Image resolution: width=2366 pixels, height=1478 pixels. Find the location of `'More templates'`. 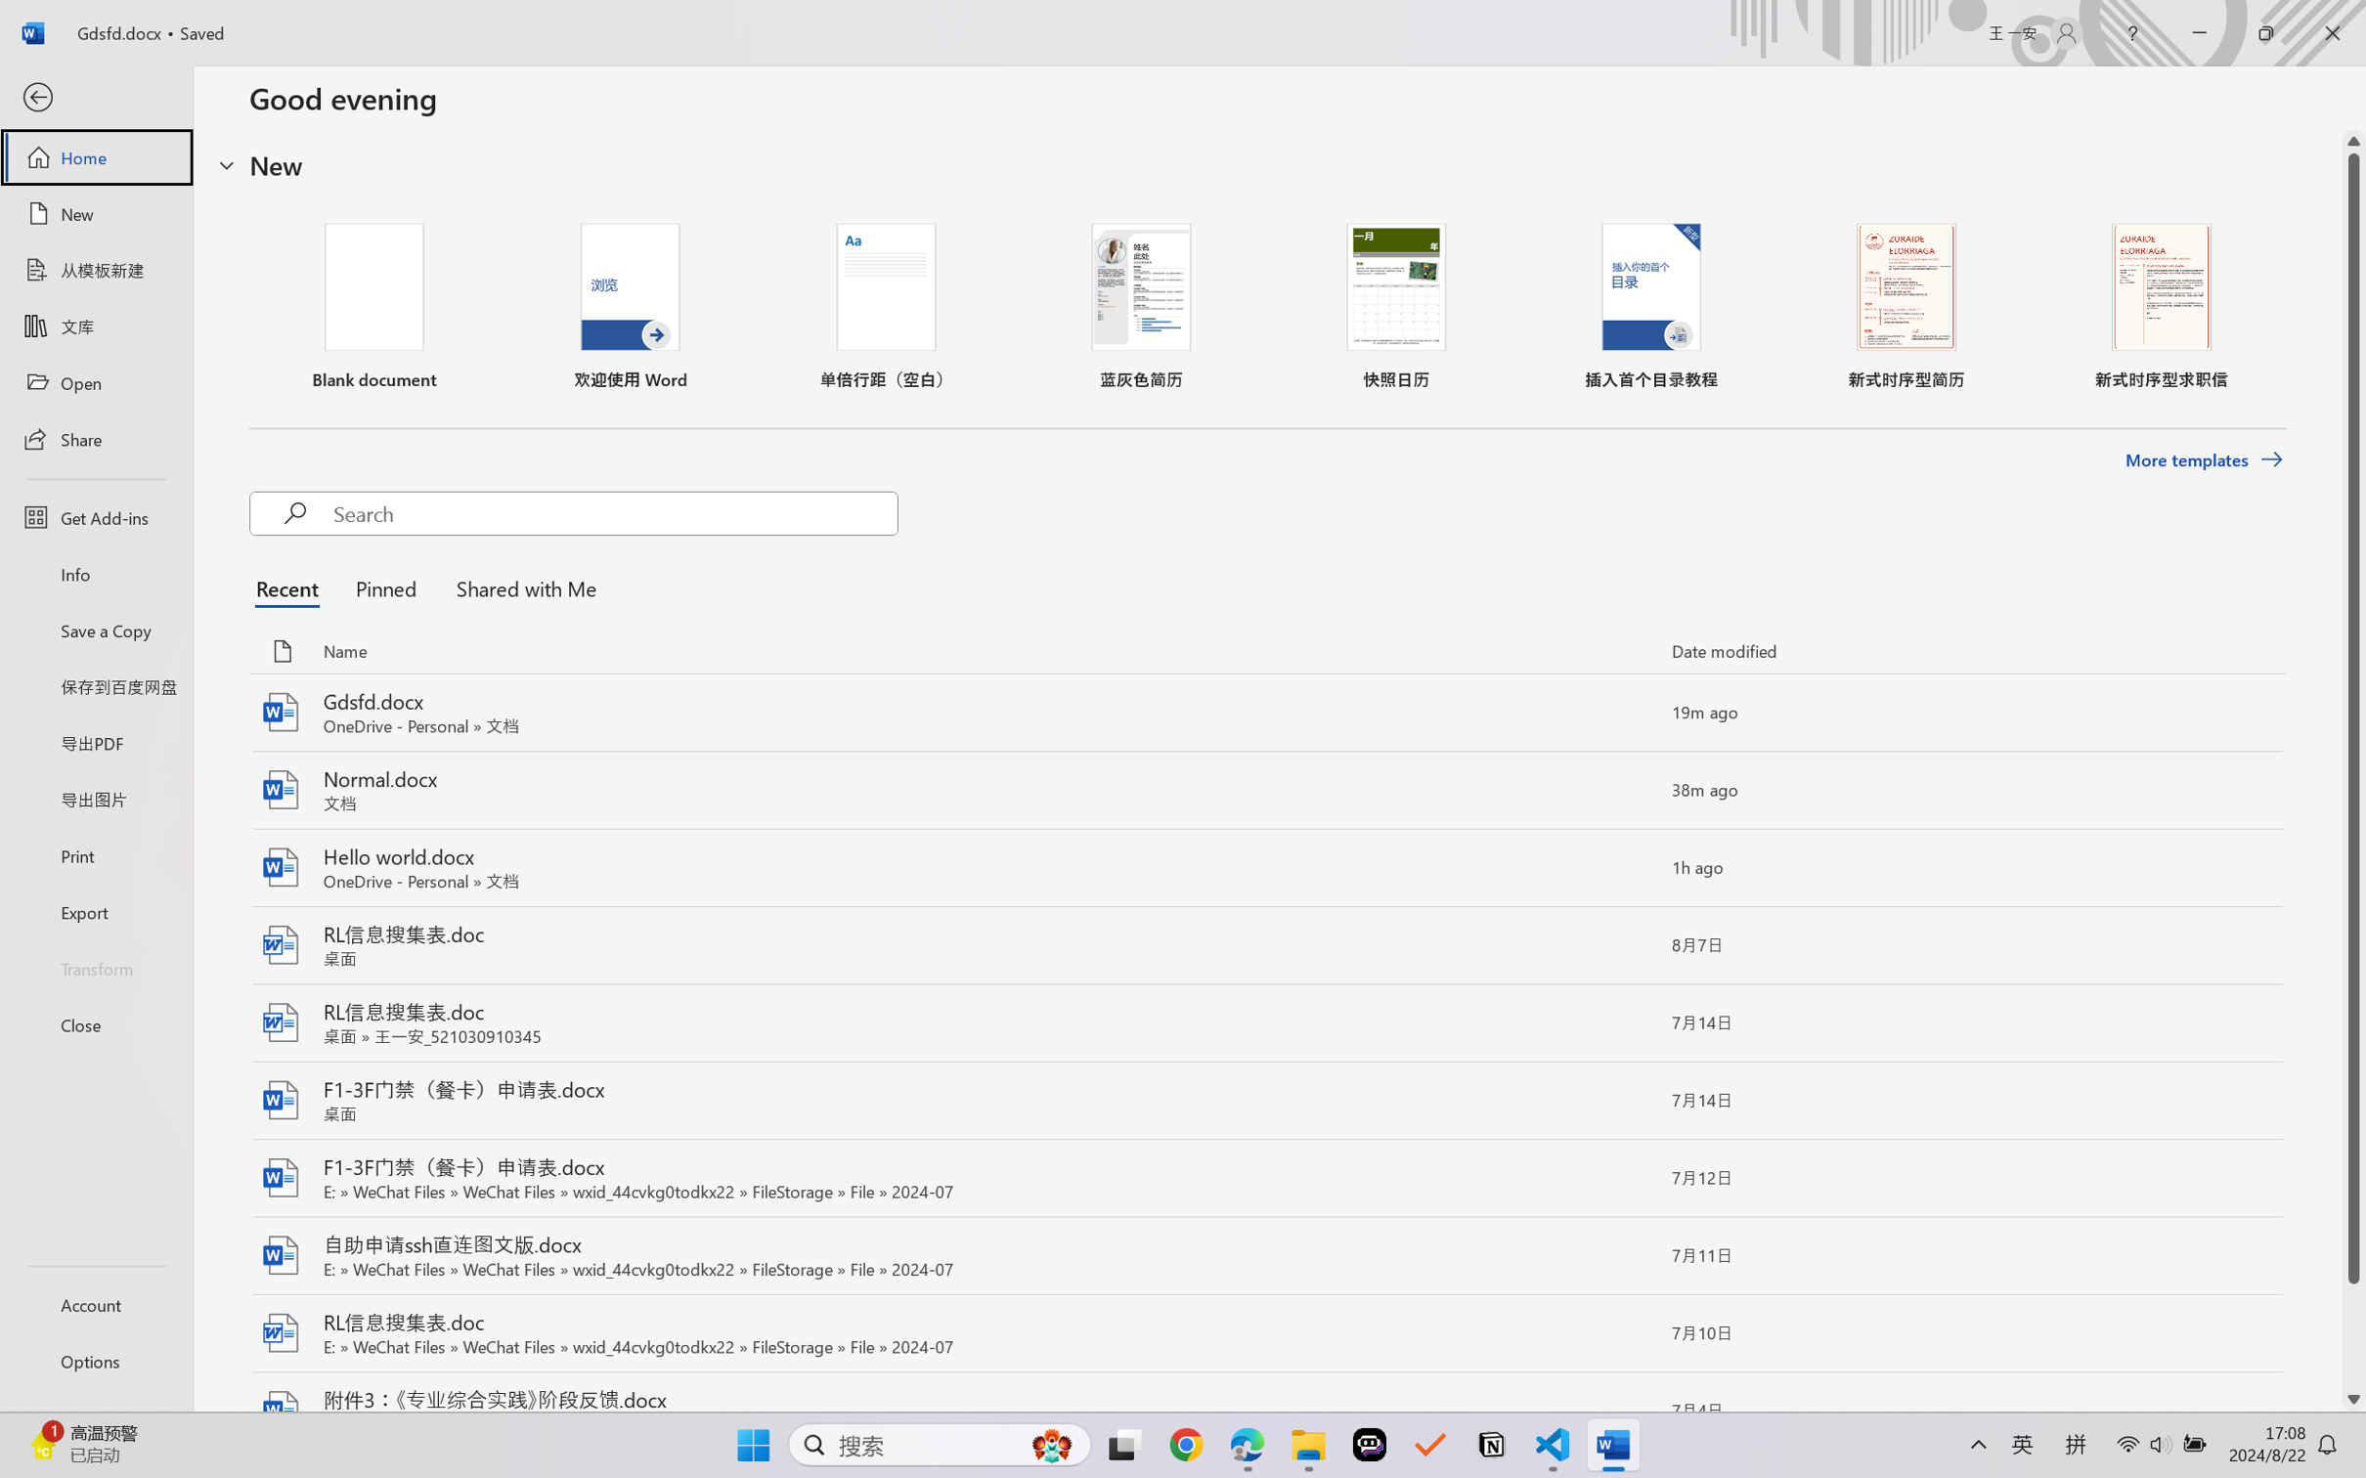

'More templates' is located at coordinates (2203, 460).